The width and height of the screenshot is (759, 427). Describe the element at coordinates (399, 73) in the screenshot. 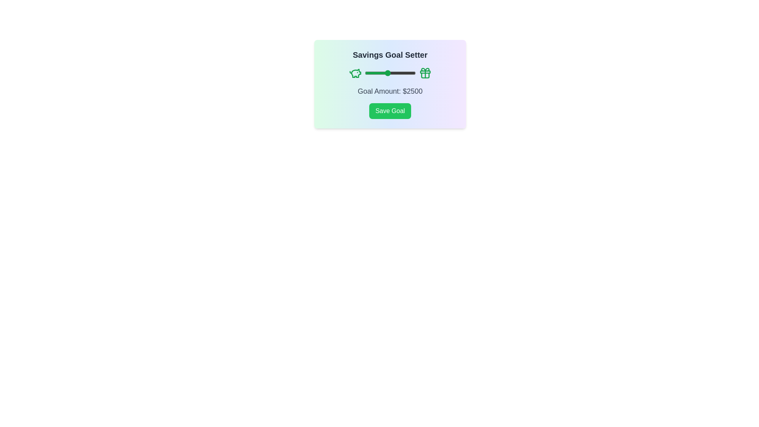

I see `the savings goal slider to 3578 by dragging it` at that location.